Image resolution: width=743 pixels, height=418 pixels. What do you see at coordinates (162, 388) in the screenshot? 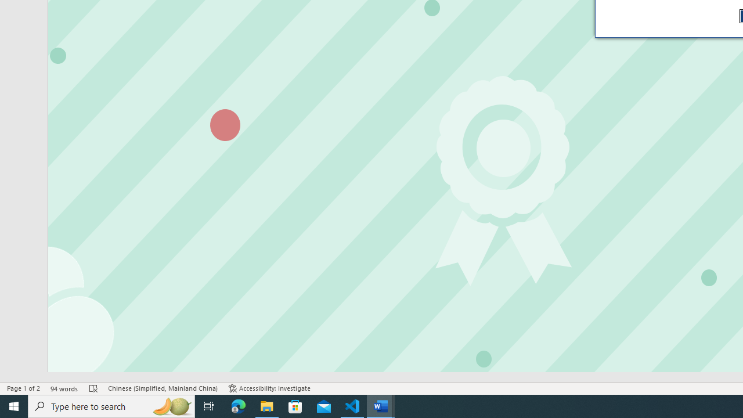
I see `'Language Chinese (Simplified, Mainland China)'` at bounding box center [162, 388].